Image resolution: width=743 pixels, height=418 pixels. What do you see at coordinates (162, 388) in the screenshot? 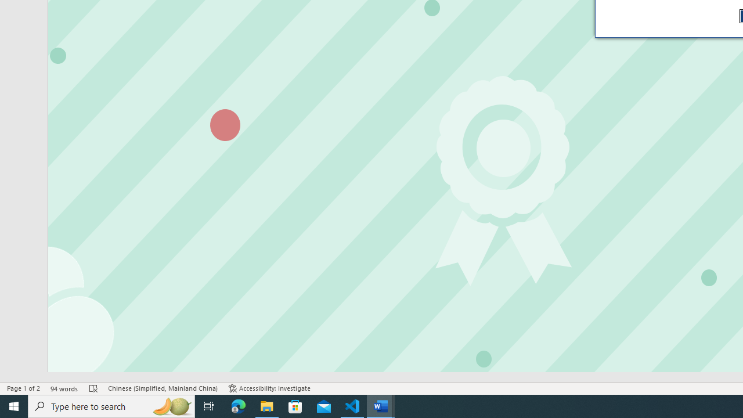
I see `'Language Chinese (Simplified, Mainland China)'` at bounding box center [162, 388].